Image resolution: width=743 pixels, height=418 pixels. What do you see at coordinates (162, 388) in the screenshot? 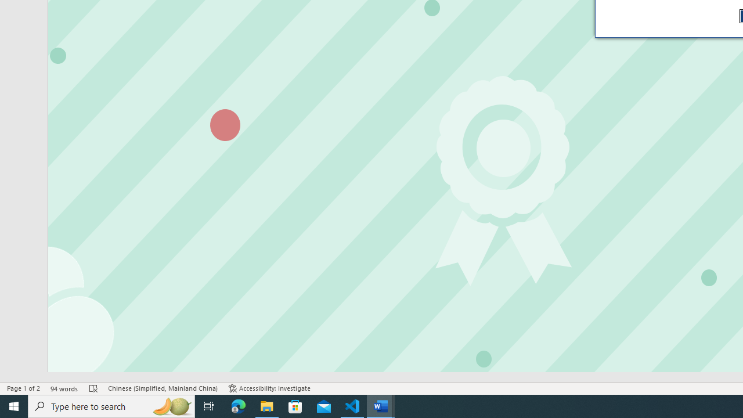
I see `'Language Chinese (Simplified, Mainland China)'` at bounding box center [162, 388].